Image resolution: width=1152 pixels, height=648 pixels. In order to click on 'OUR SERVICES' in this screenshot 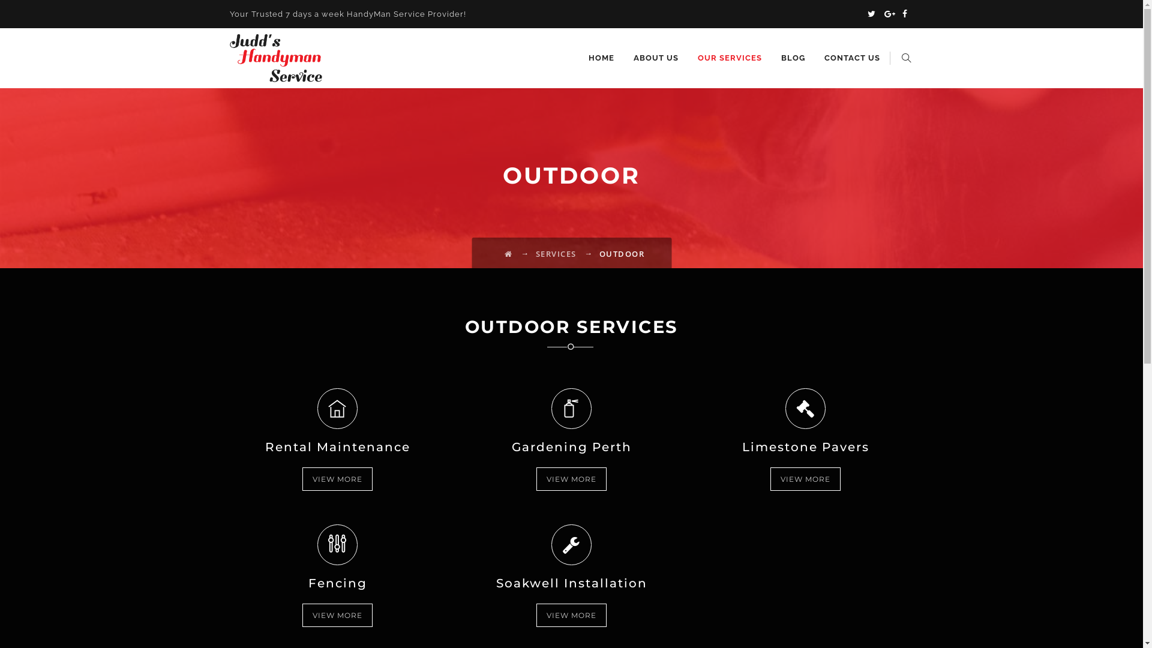, I will do `click(729, 58)`.